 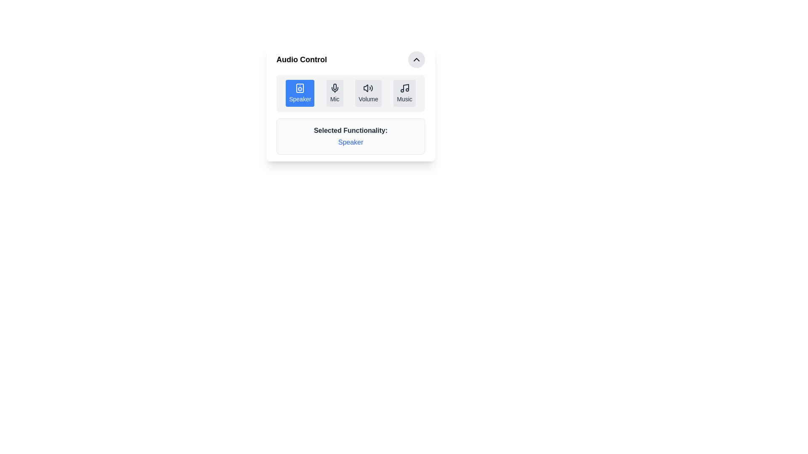 What do you see at coordinates (300, 88) in the screenshot?
I see `the blue vertical rectangle icon located inside the 'Speaker' button in the 'Audio Control' section` at bounding box center [300, 88].